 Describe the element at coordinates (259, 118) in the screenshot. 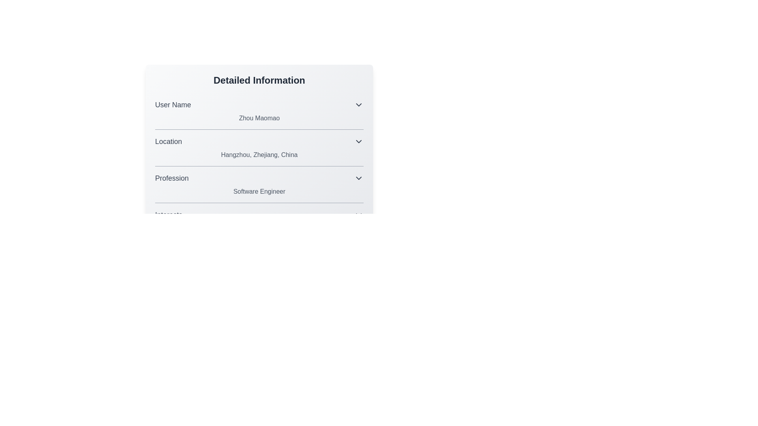

I see `the static text label displaying 'Zhou Maomao' located directly below the 'User Name' label in the user information panel` at that location.